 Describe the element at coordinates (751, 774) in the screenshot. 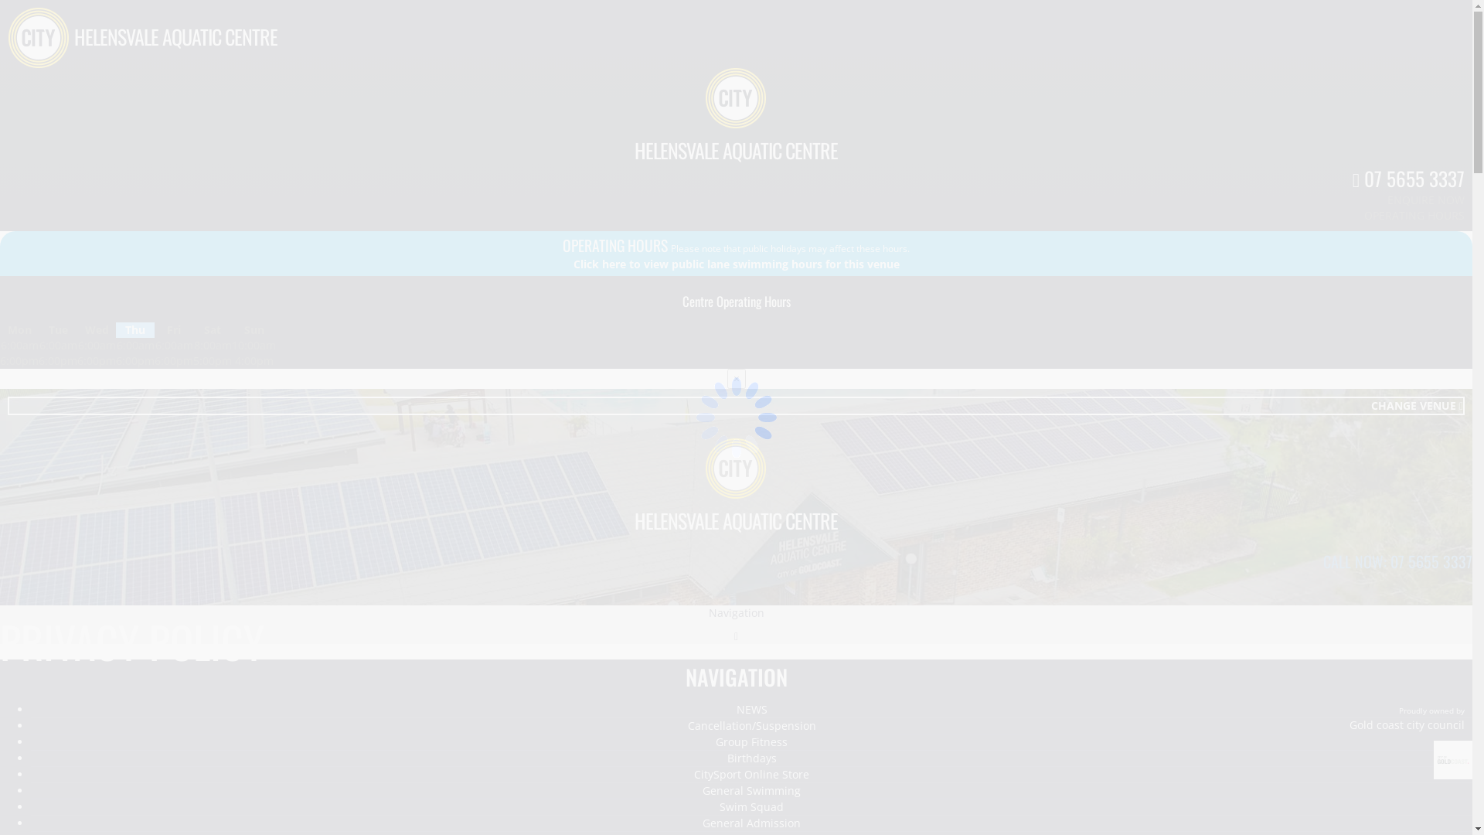

I see `'CitySport Online Store'` at that location.